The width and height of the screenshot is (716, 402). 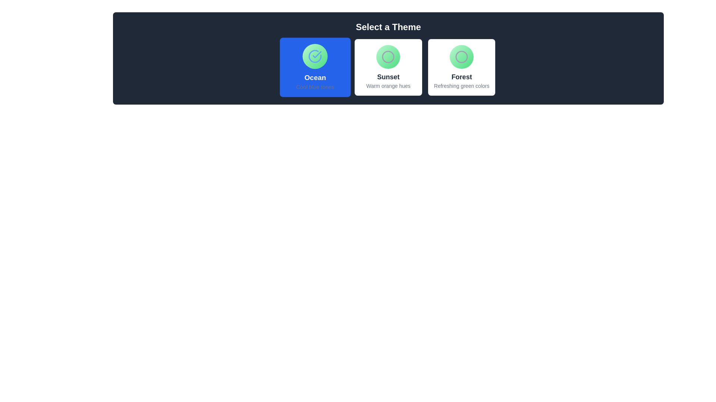 What do you see at coordinates (388, 57) in the screenshot?
I see `the decorative circle with a gray border centered in the 'Sunset' theme selection card` at bounding box center [388, 57].